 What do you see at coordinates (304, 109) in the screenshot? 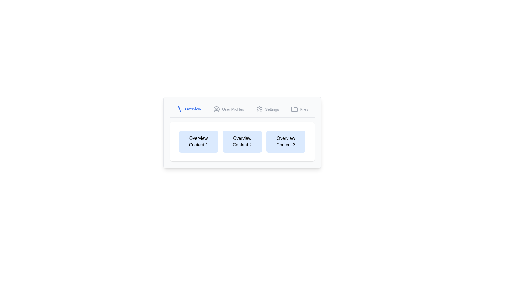
I see `the 'Files' text label in the horizontal navigation menu` at bounding box center [304, 109].